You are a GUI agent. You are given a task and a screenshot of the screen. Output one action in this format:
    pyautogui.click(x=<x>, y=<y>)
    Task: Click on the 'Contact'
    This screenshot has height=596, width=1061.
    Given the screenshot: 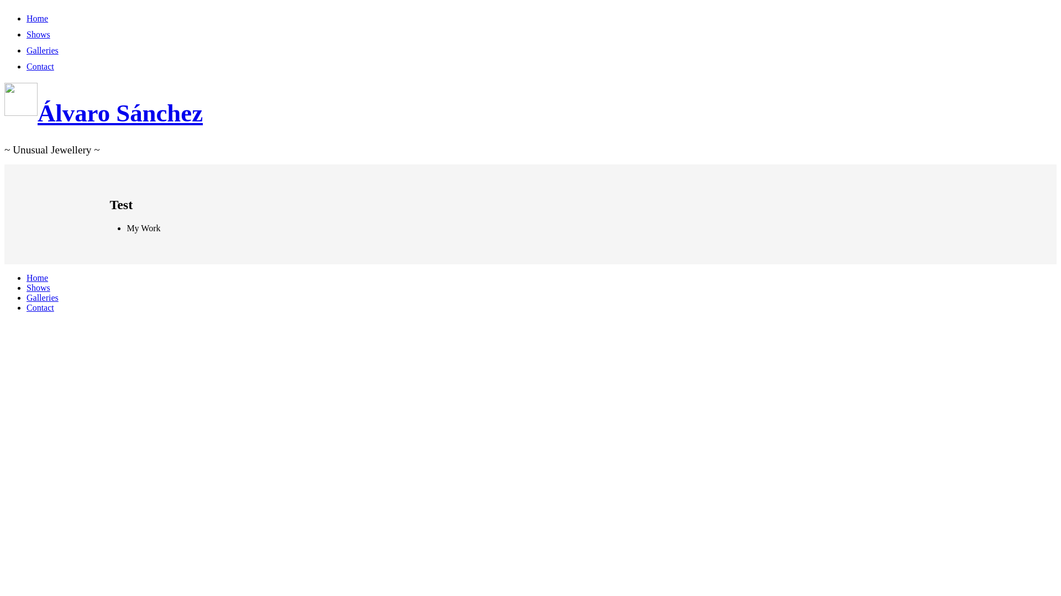 What is the action you would take?
    pyautogui.click(x=40, y=307)
    